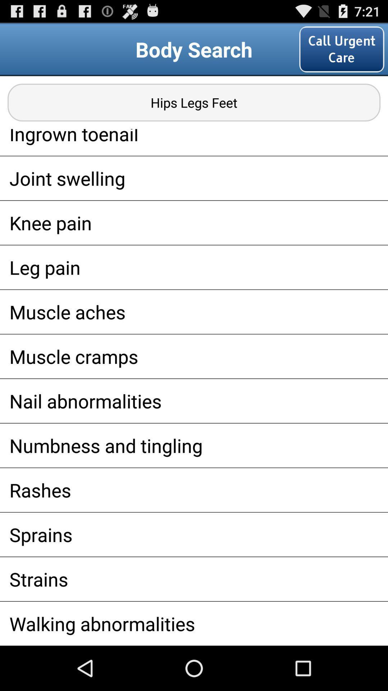  Describe the element at coordinates (194, 178) in the screenshot. I see `app below ingrown toenail` at that location.